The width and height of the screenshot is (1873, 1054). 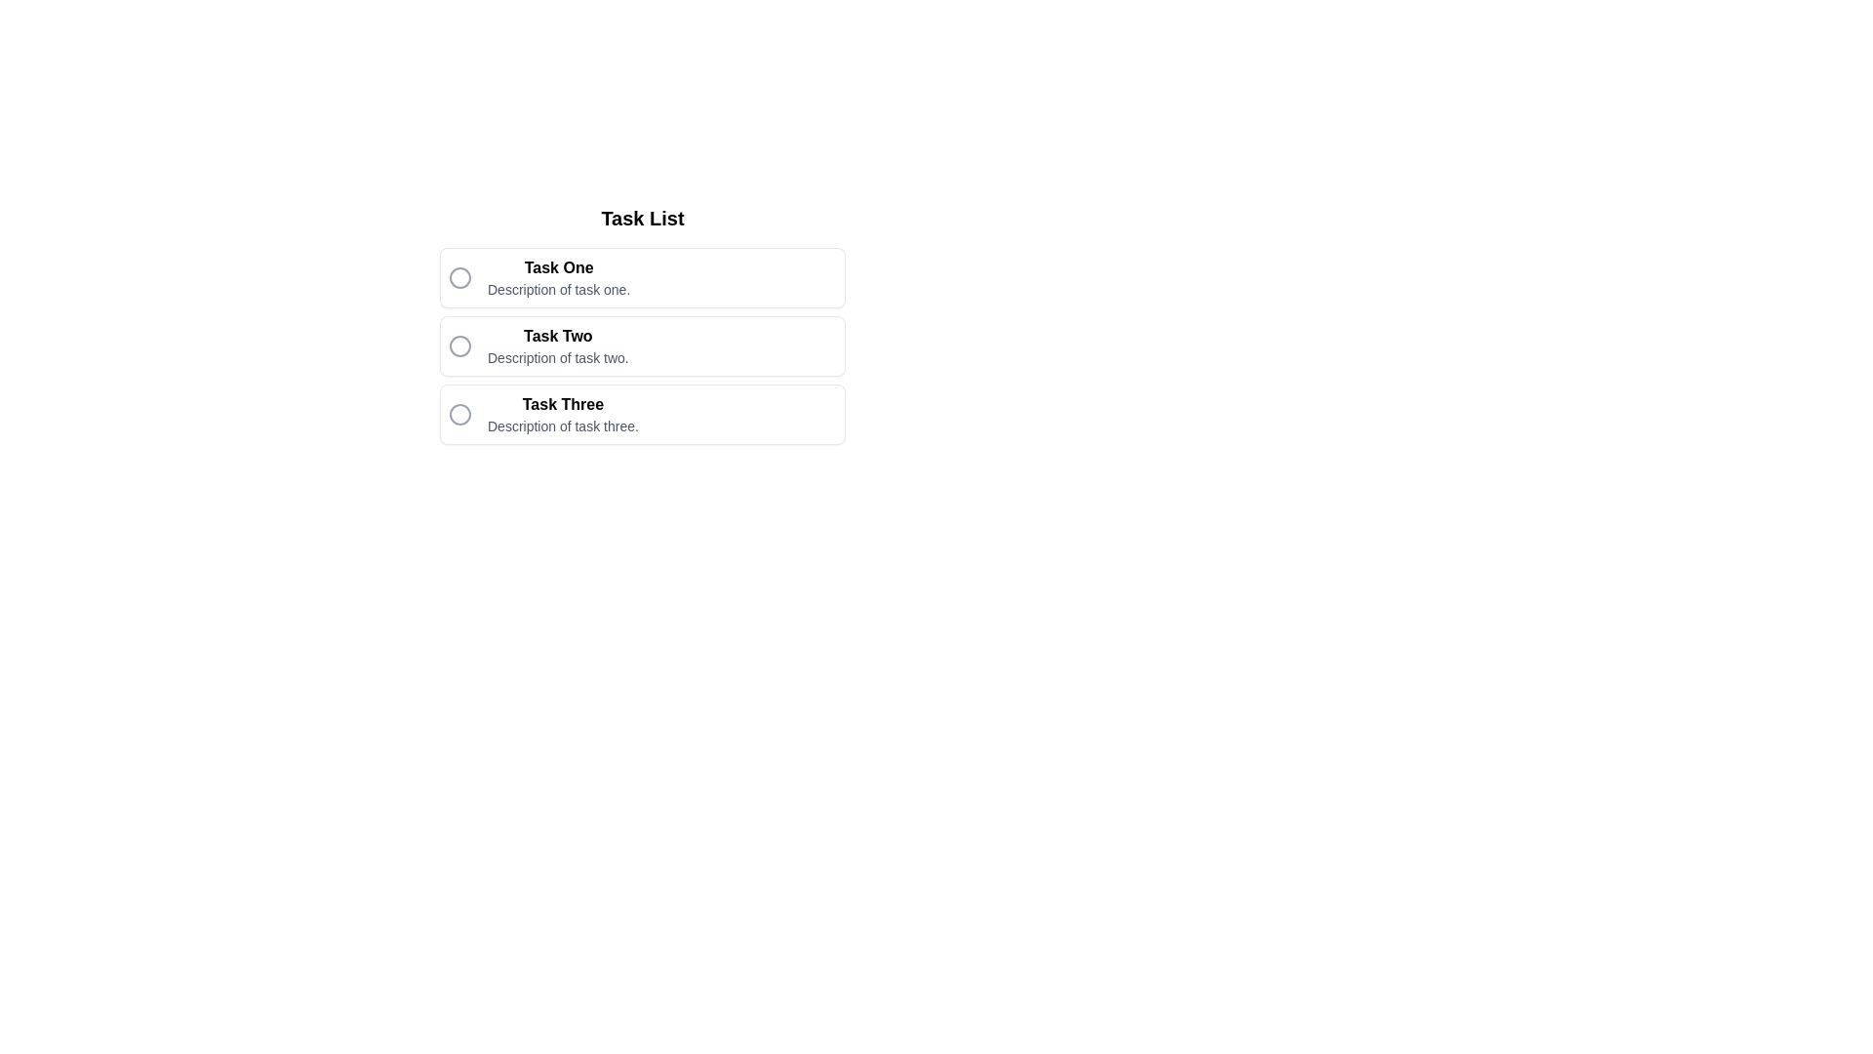 What do you see at coordinates (642, 345) in the screenshot?
I see `the second list item containing the task title 'Task Two' and its description to interact with the task` at bounding box center [642, 345].